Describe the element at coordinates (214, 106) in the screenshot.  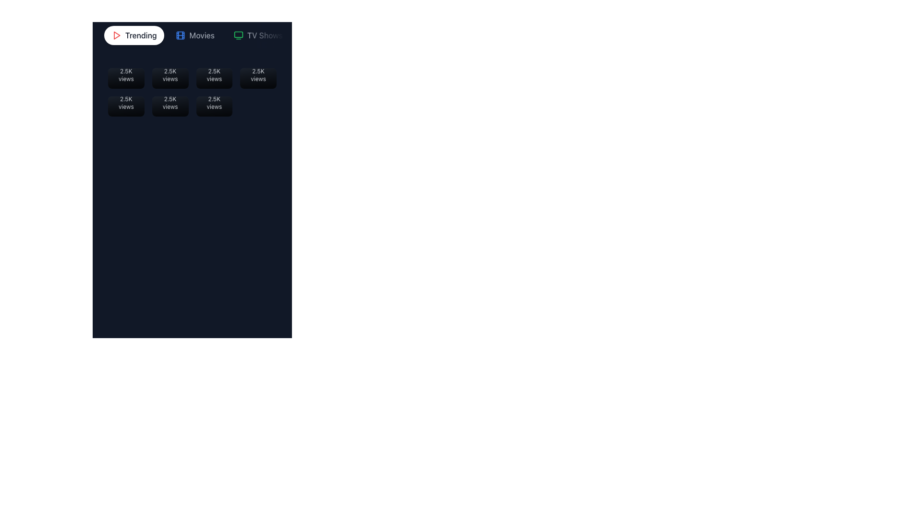
I see `the text label UI component that displays the view count, showing '2.5K views', located in the second row and third column of the grid layout` at that location.